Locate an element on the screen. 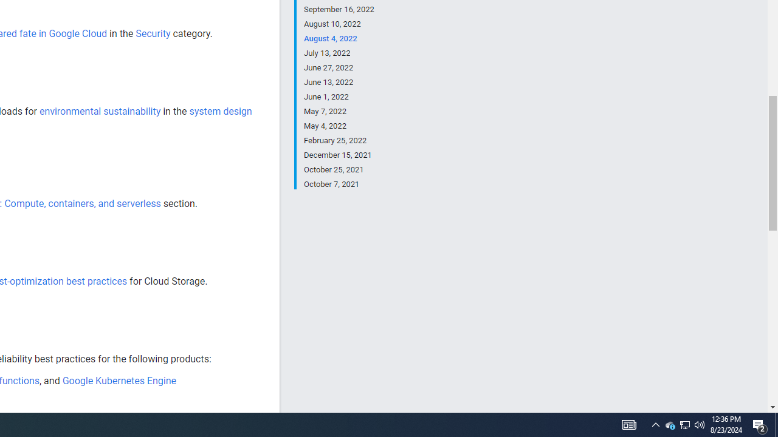  'December 15, 2021' is located at coordinates (339, 154).